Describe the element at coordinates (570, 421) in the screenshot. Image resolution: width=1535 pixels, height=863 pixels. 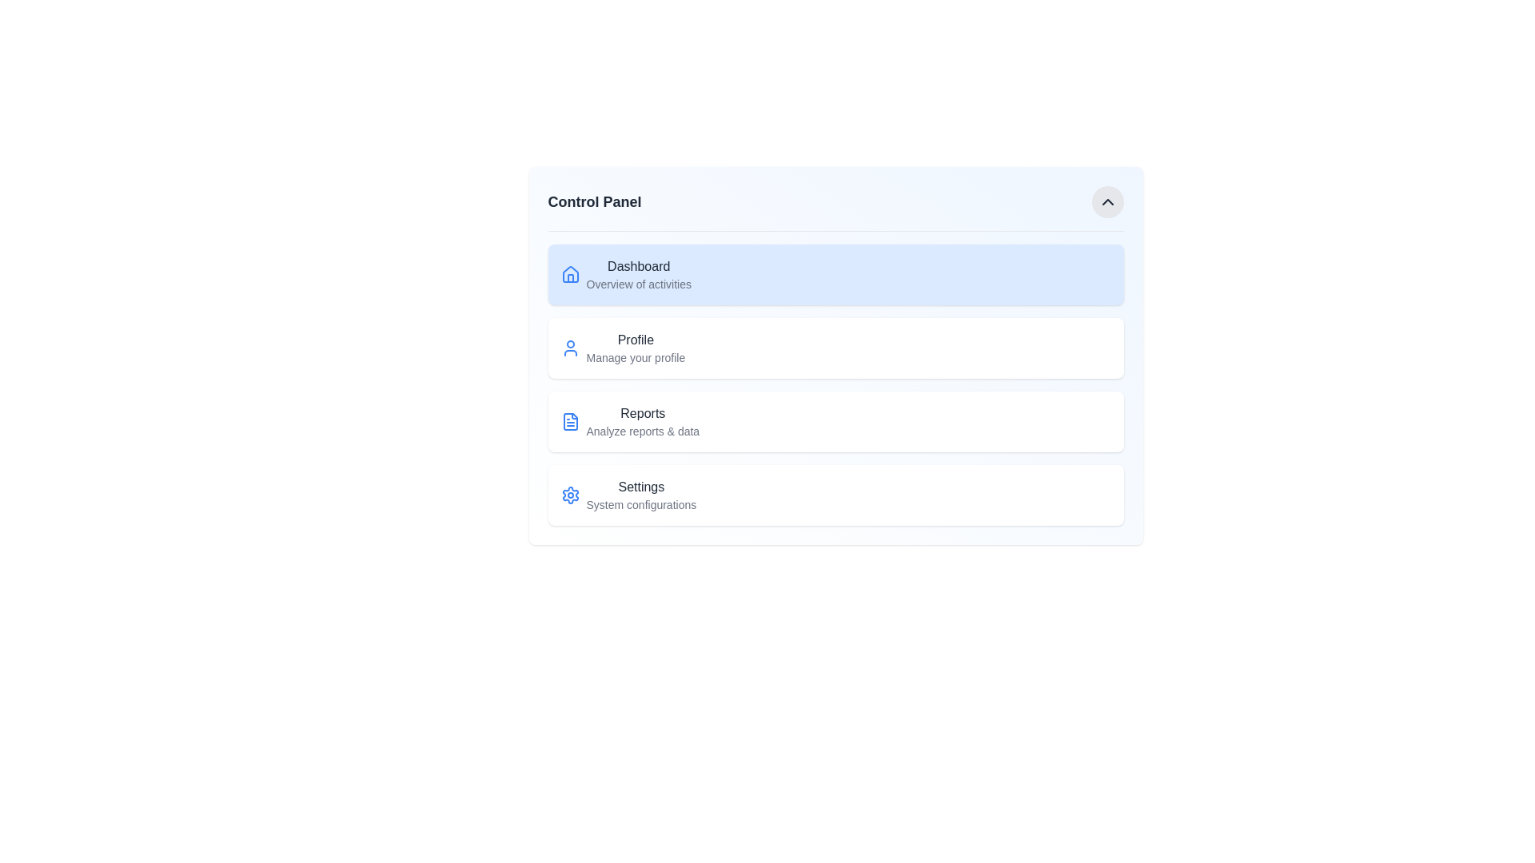
I see `the blue file icon in the 'Reports' section, which is positioned to the left of the text 'Reports' and 'Analyze reports & data'` at that location.